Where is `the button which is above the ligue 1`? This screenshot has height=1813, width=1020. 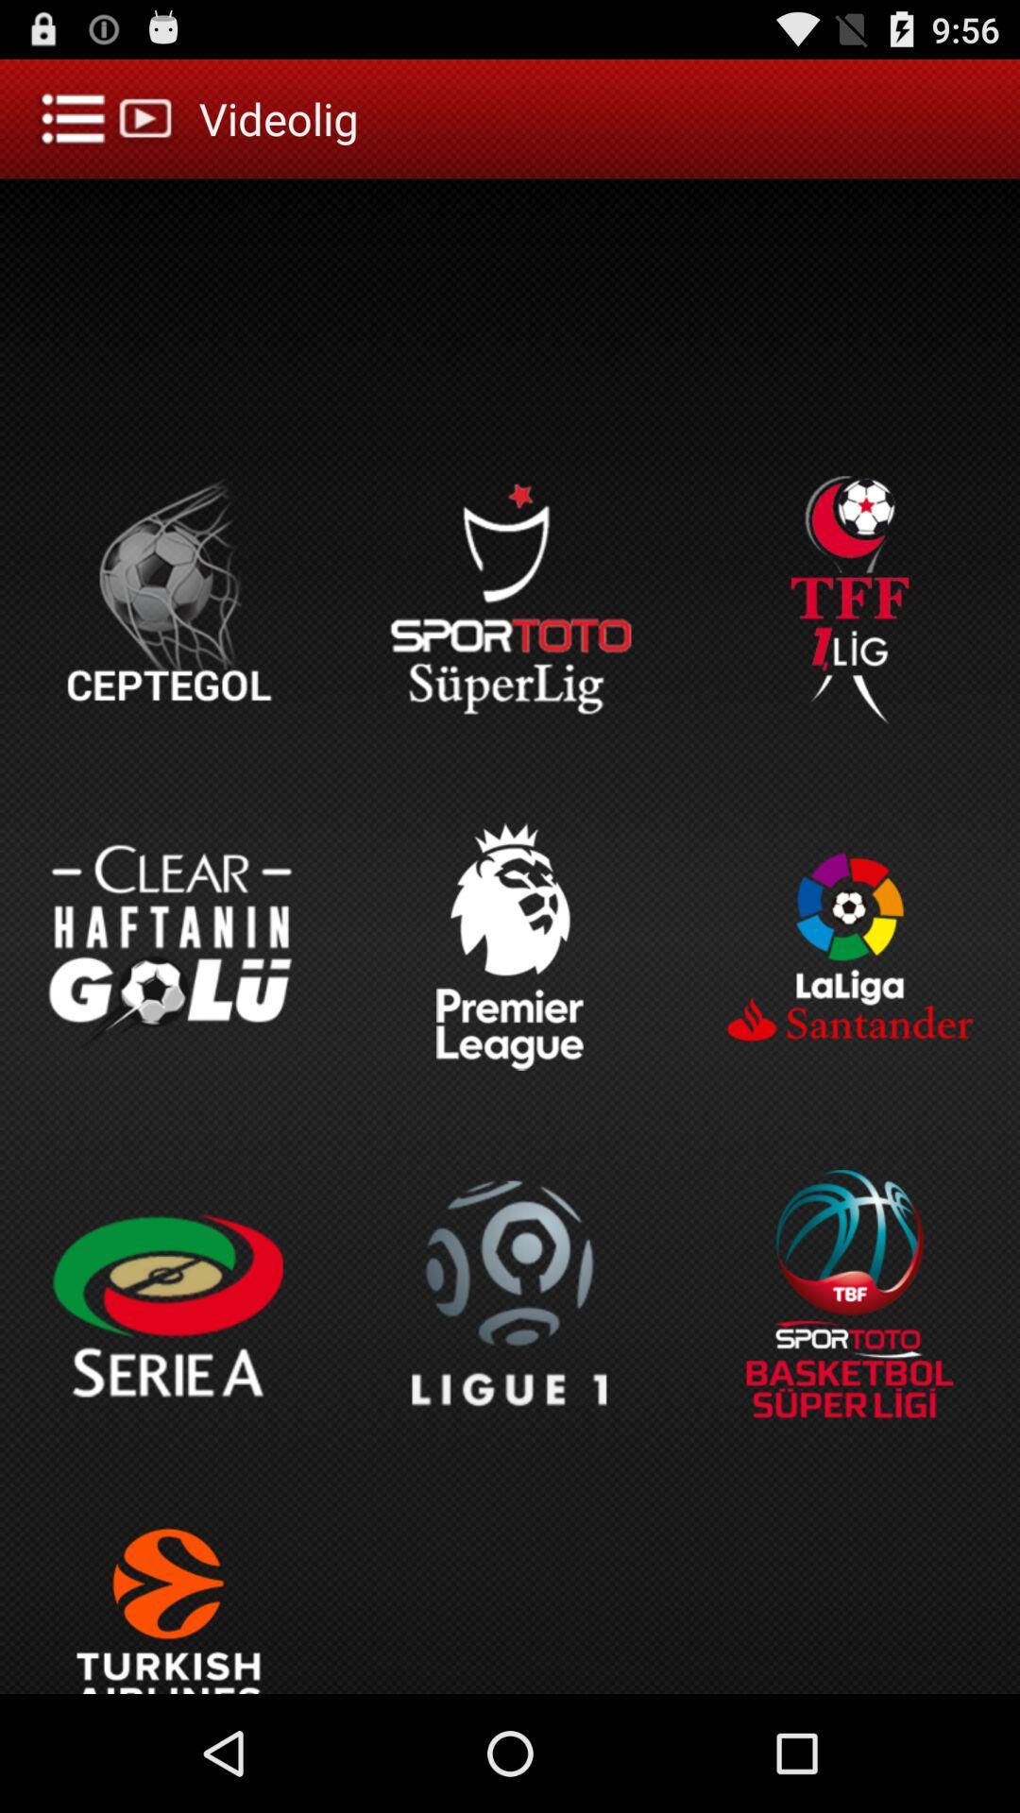 the button which is above the ligue 1 is located at coordinates (510, 947).